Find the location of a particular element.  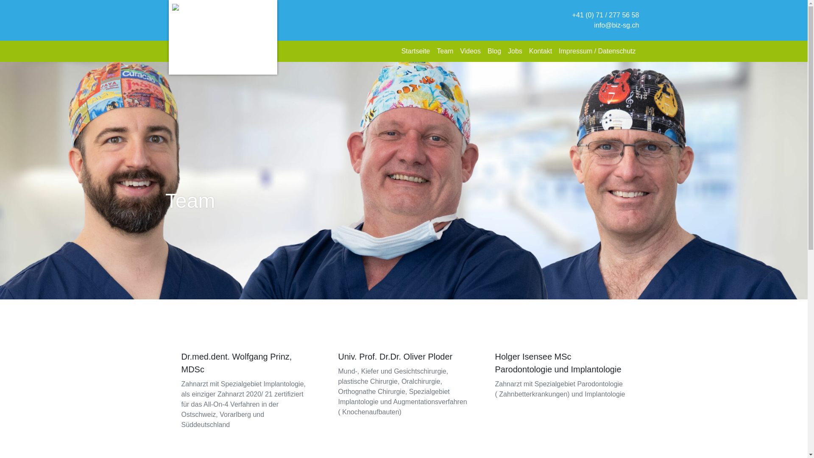

'+41 (0) 71 / 277 56 58' is located at coordinates (572, 15).